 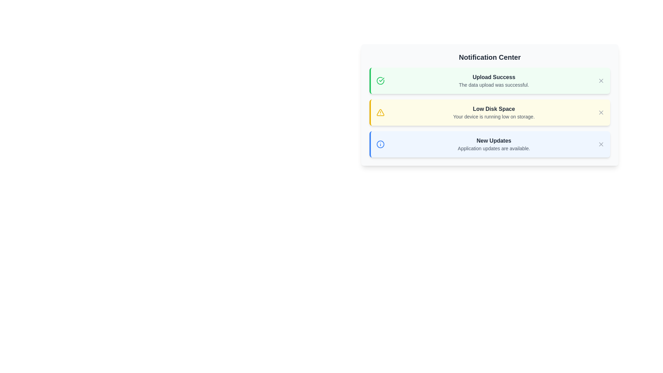 I want to click on the dismiss button located in the top-right corner of the 'Upload Success' notification card, so click(x=601, y=80).